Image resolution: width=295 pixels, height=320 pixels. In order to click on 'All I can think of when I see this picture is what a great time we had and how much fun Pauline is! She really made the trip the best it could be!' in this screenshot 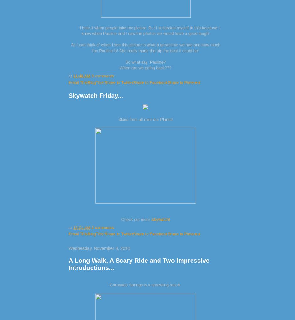, I will do `click(145, 47)`.